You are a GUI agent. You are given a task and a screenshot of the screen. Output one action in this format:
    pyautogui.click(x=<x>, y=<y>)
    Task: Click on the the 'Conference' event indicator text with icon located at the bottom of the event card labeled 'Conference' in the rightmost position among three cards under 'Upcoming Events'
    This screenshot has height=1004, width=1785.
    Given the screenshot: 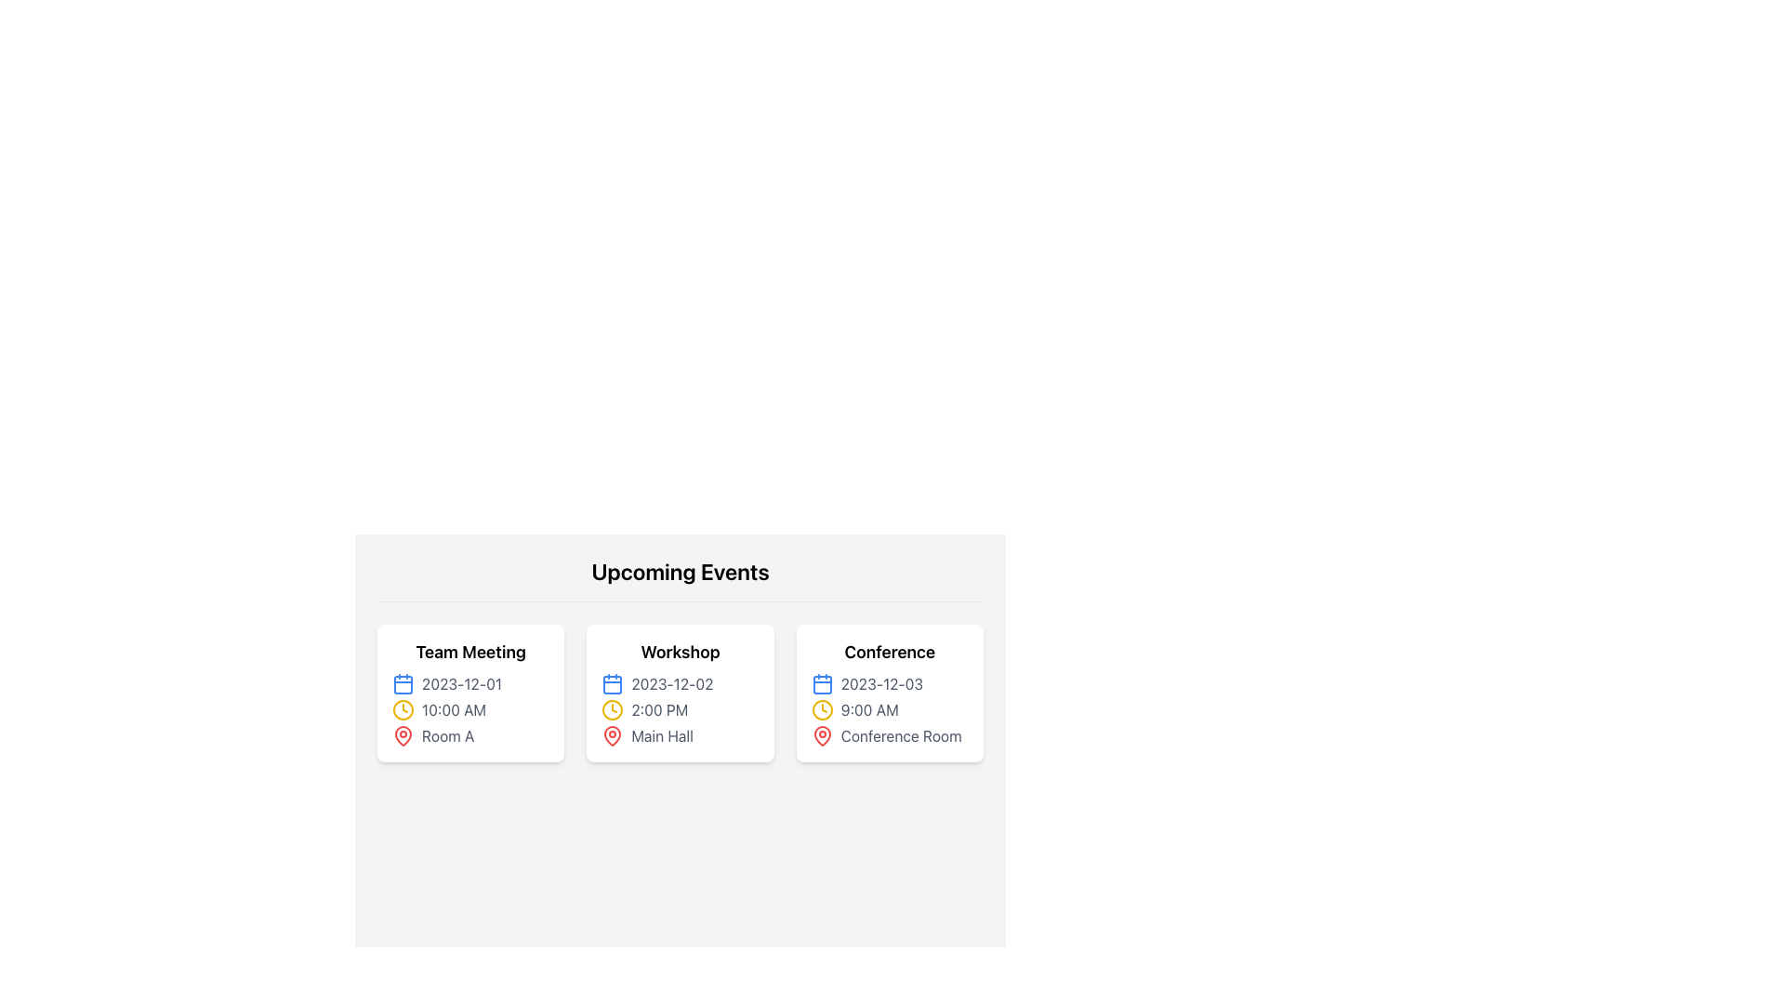 What is the action you would take?
    pyautogui.click(x=889, y=734)
    